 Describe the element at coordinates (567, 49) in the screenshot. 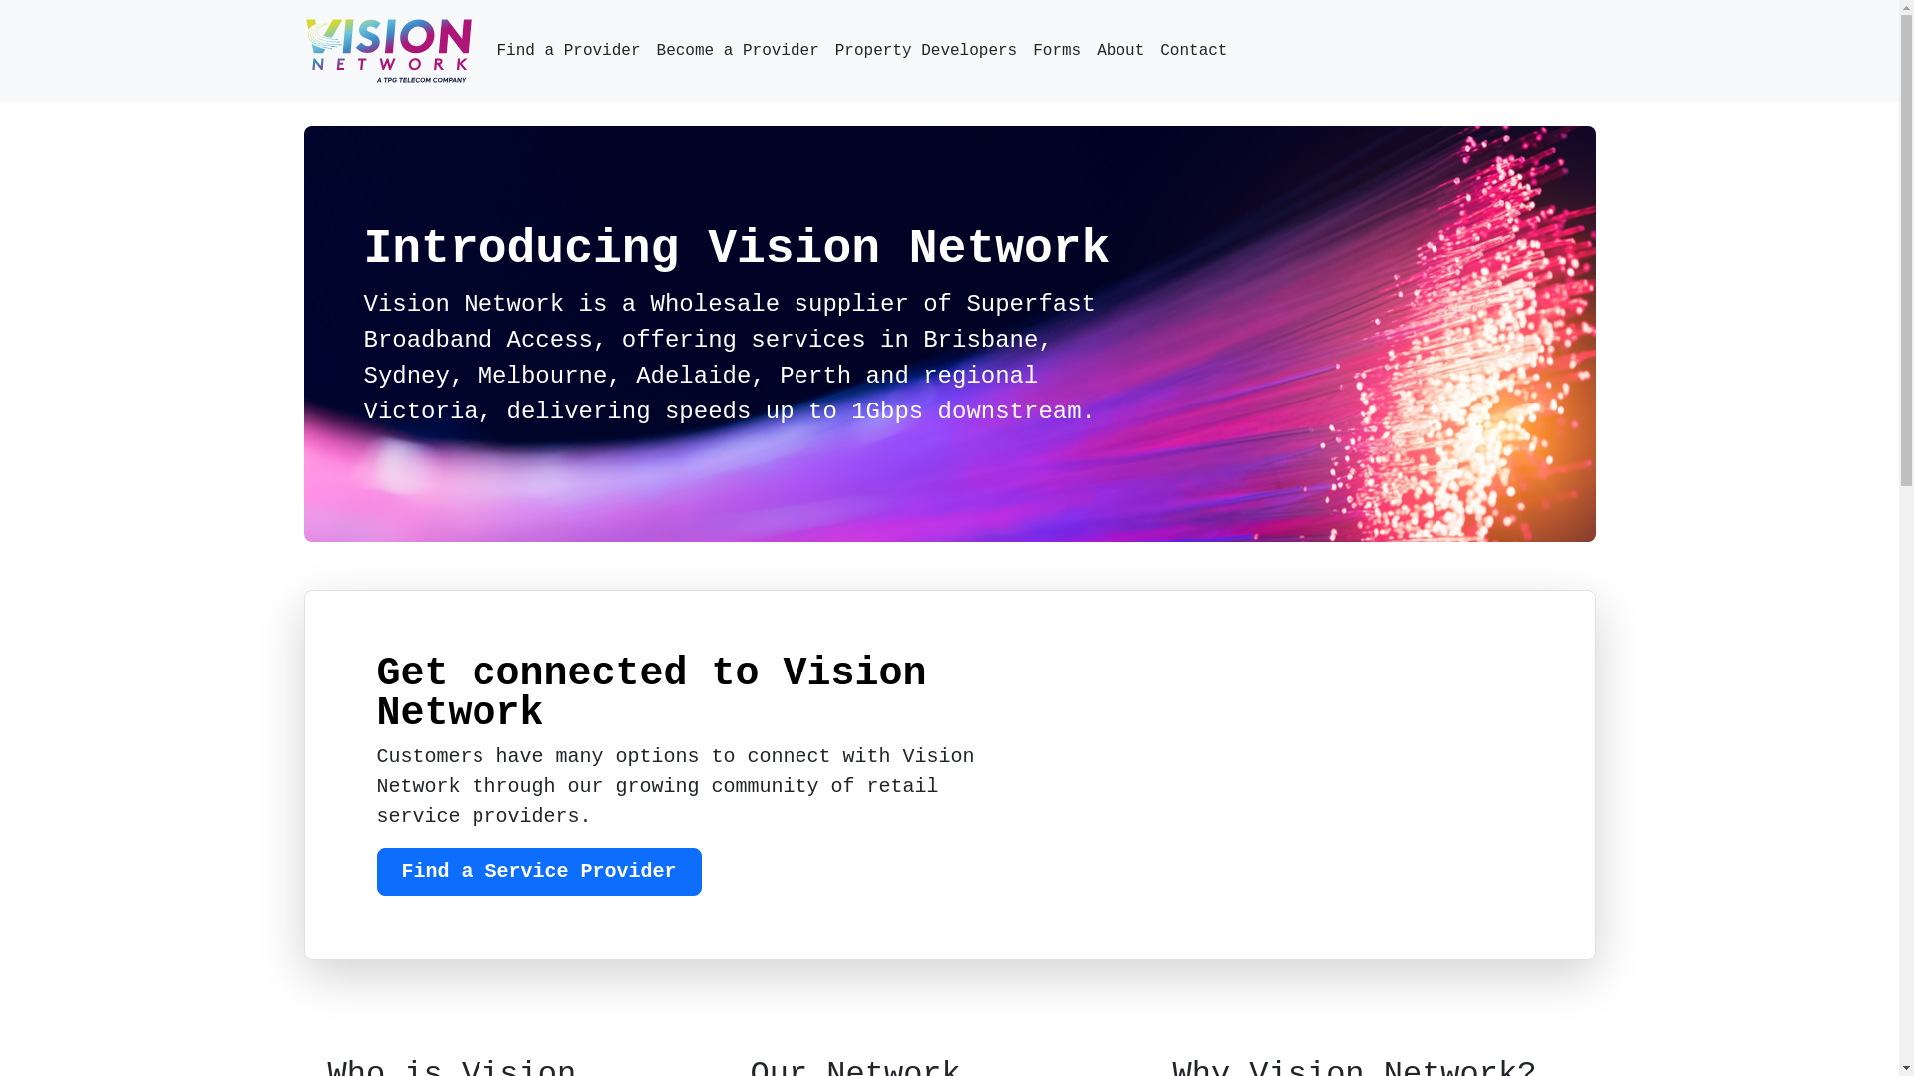

I see `'Find a Provider'` at that location.